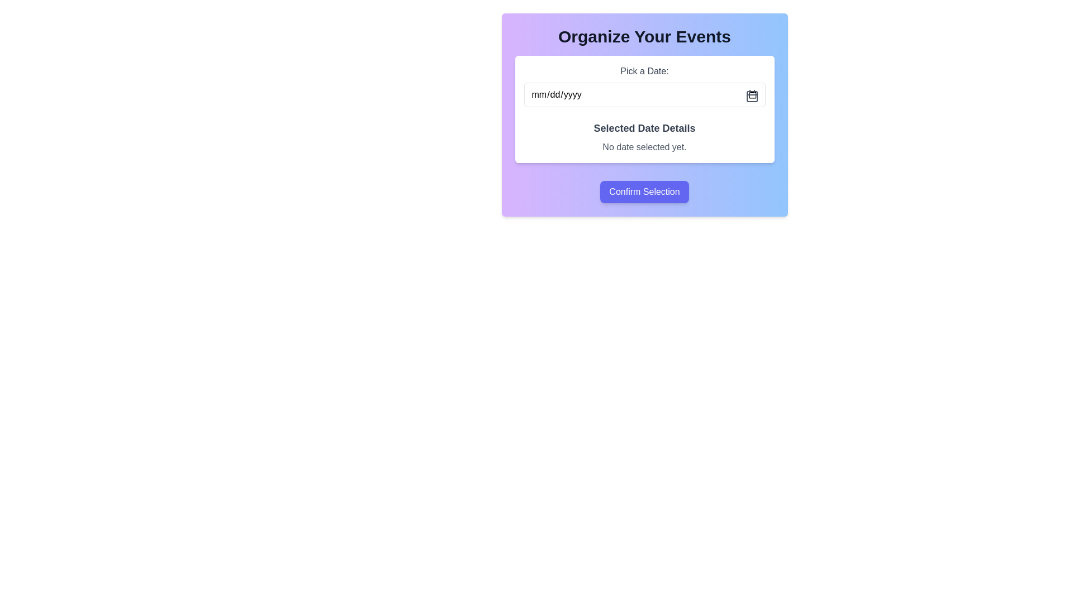  I want to click on the confirm button located at the bottom center of the card that contains input fields, which submits the selected data, so click(644, 191).